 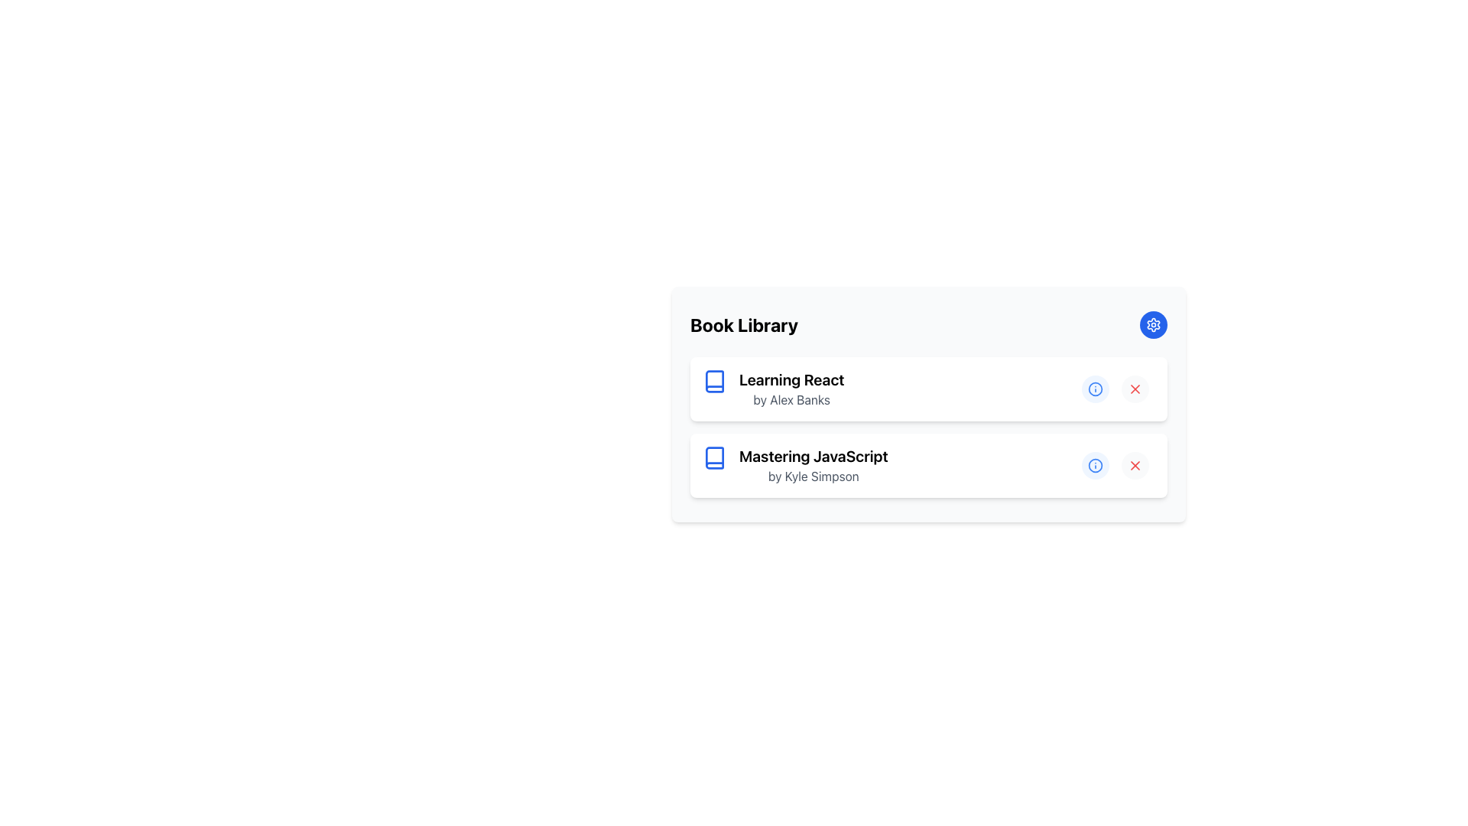 What do you see at coordinates (1153, 324) in the screenshot?
I see `the settings icon located at the top-right corner of the 'Book Library' card` at bounding box center [1153, 324].